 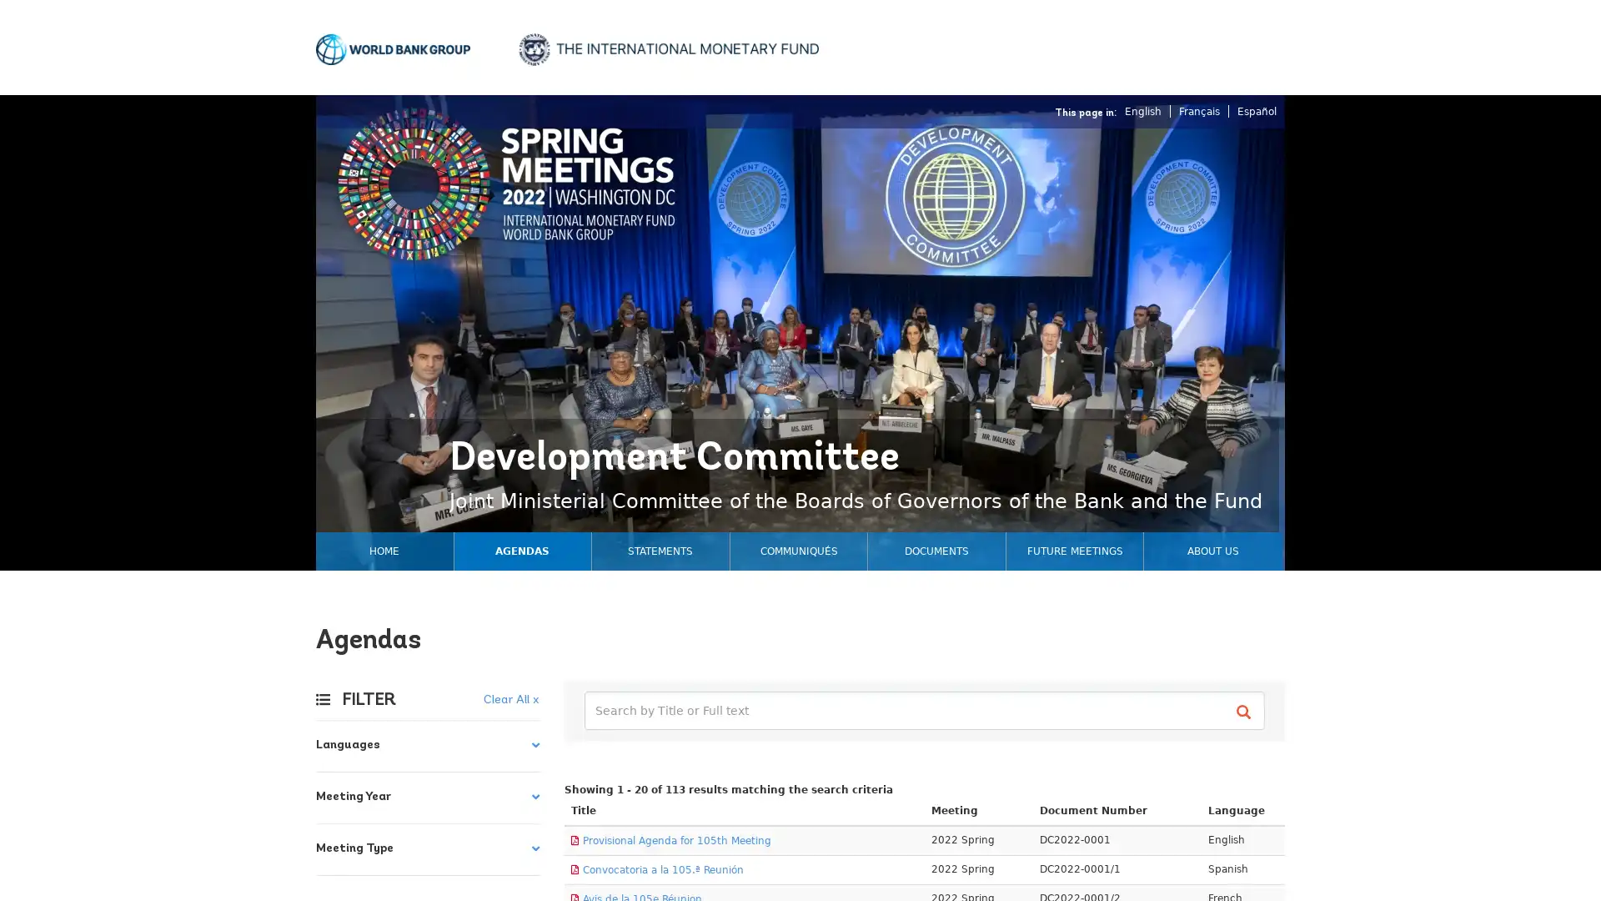 I want to click on Meeting Type, so click(x=428, y=849).